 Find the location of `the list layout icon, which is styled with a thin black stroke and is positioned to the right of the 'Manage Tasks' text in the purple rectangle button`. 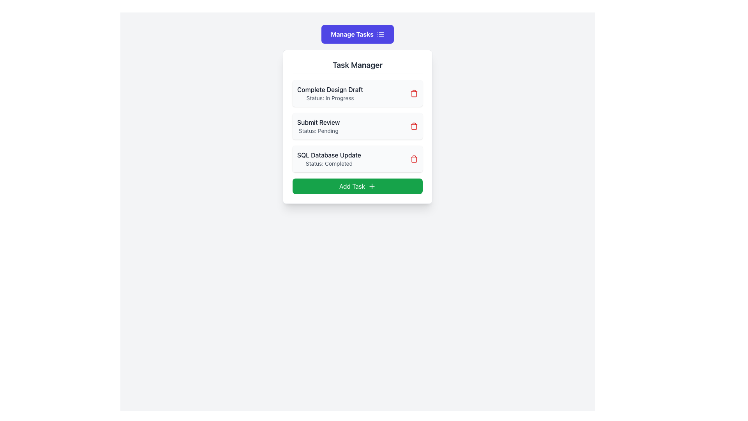

the list layout icon, which is styled with a thin black stroke and is positioned to the right of the 'Manage Tasks' text in the purple rectangle button is located at coordinates (380, 34).